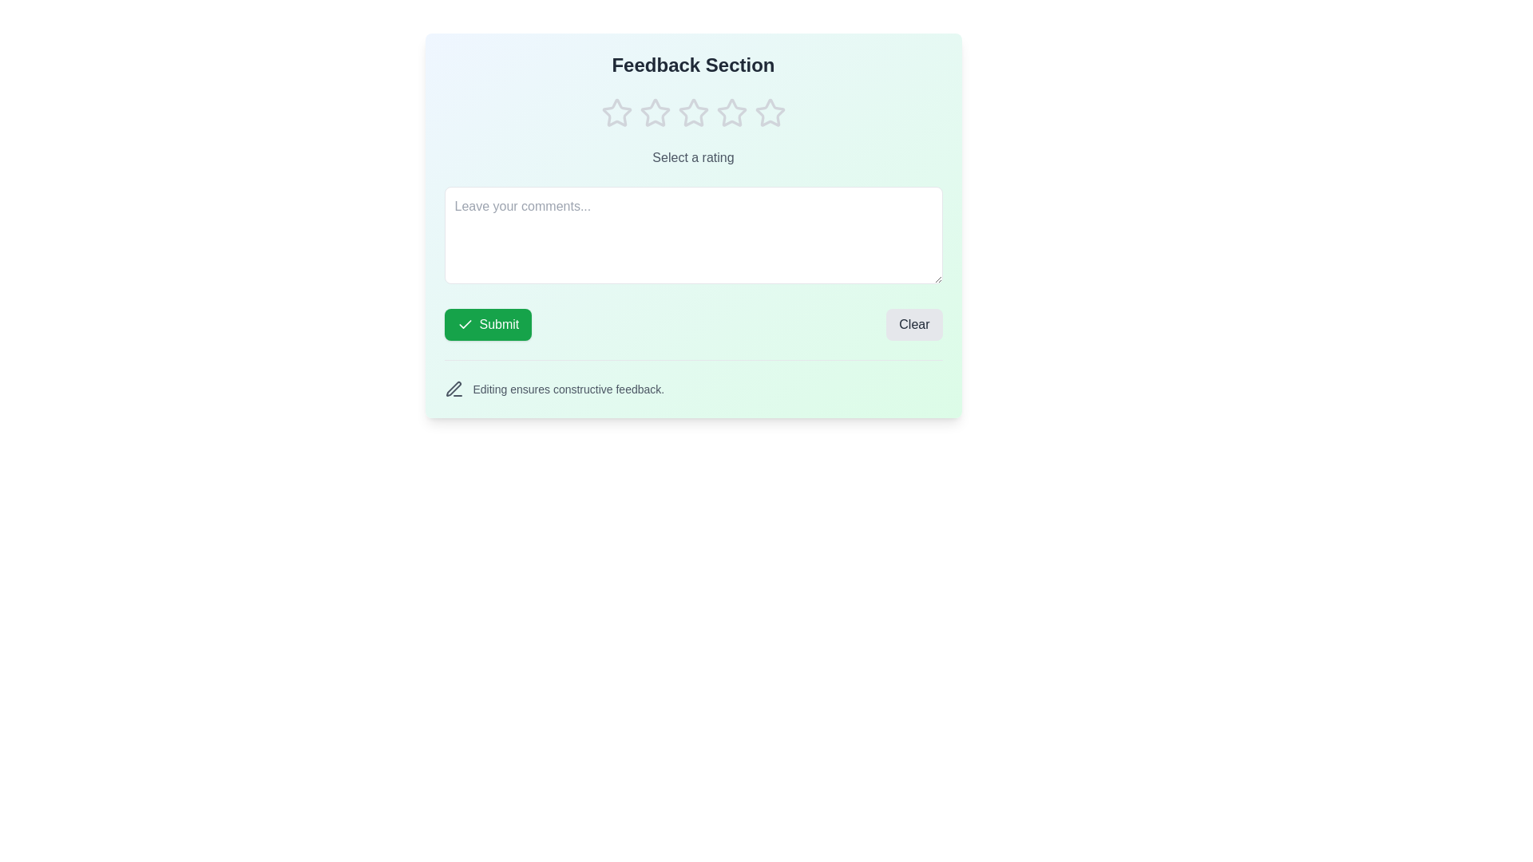 This screenshot has height=862, width=1533. I want to click on the 'Clear' button, which has a gray background and rounded corners, to visualize its interactivity, so click(914, 324).